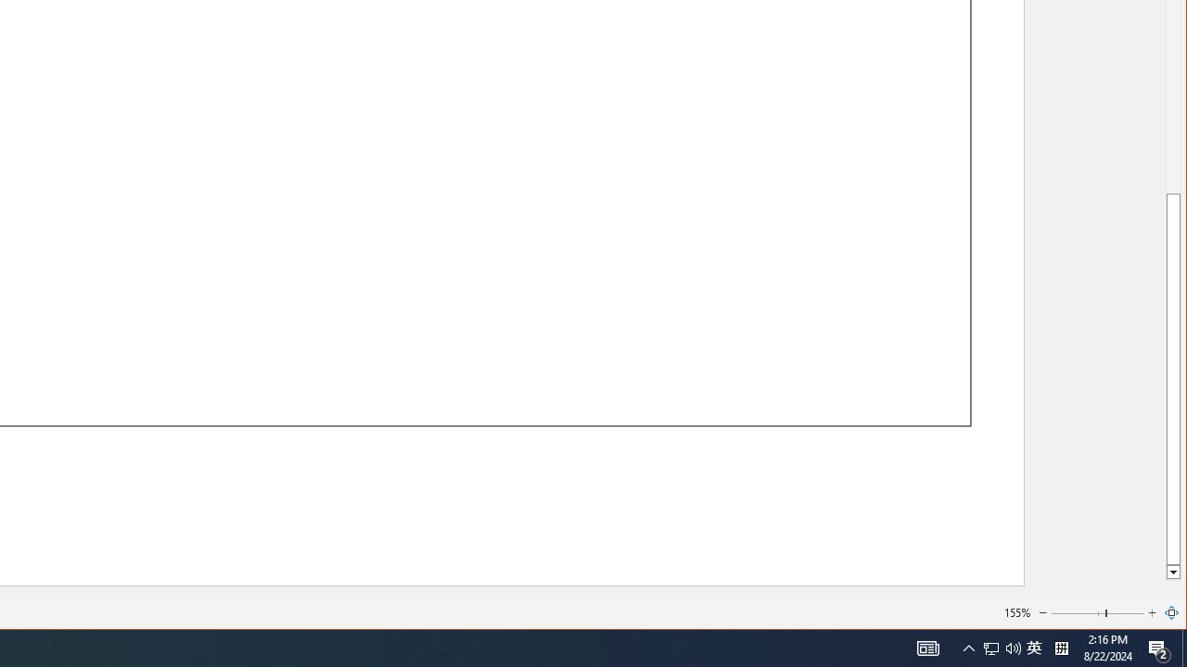 The image size is (1187, 667). Describe the element at coordinates (1078, 613) in the screenshot. I see `'Page left'` at that location.